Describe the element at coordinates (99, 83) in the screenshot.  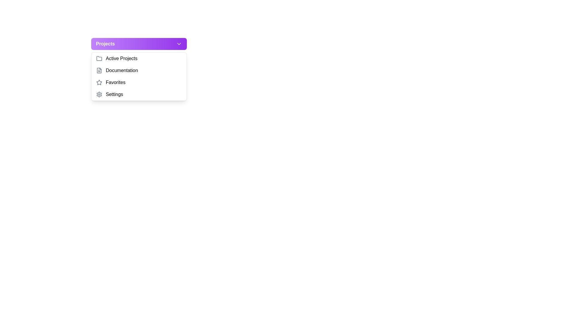
I see `the star-shaped icon located to the left of the 'Favorites' label within the dropdown menu, which serves as a visual indicator for this option` at that location.